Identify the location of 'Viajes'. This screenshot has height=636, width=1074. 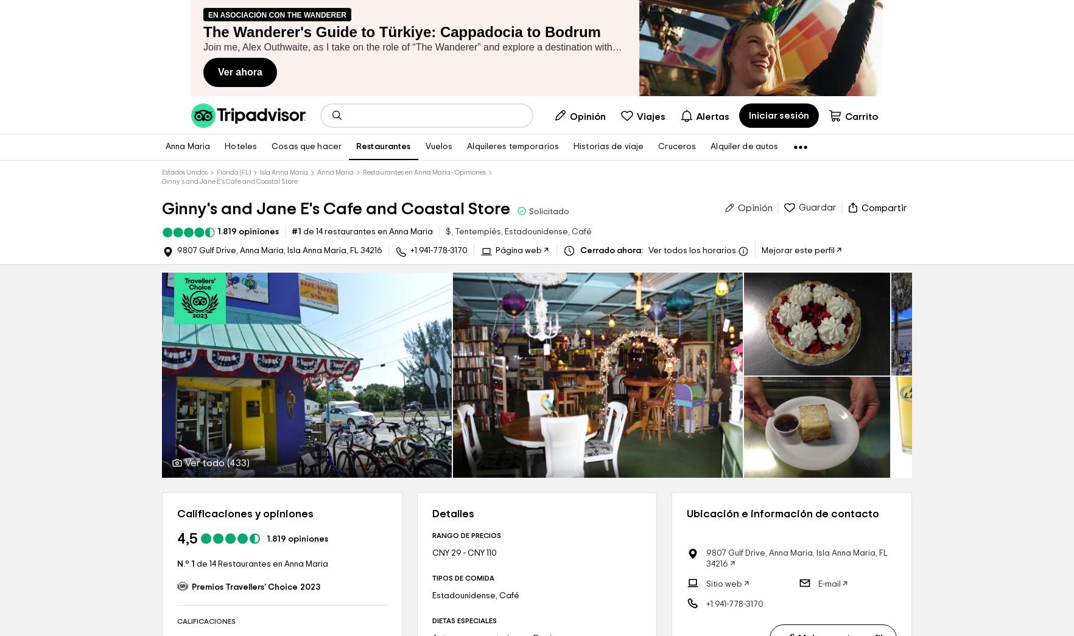
(637, 116).